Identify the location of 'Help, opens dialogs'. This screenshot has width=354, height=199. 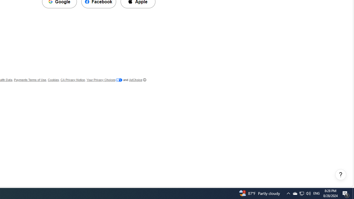
(340, 175).